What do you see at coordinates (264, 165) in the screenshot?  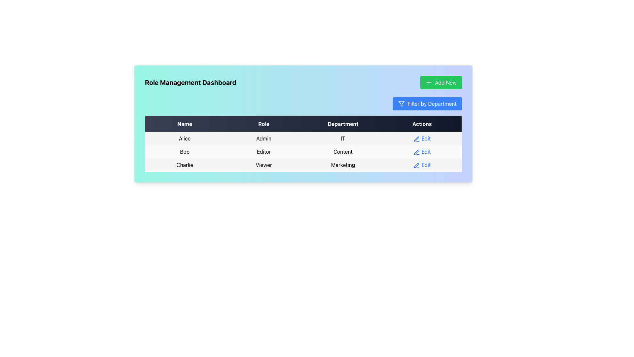 I see `the Text Label displaying the role designation of a specific user in the third row of the roles management table under the 'Role' column` at bounding box center [264, 165].